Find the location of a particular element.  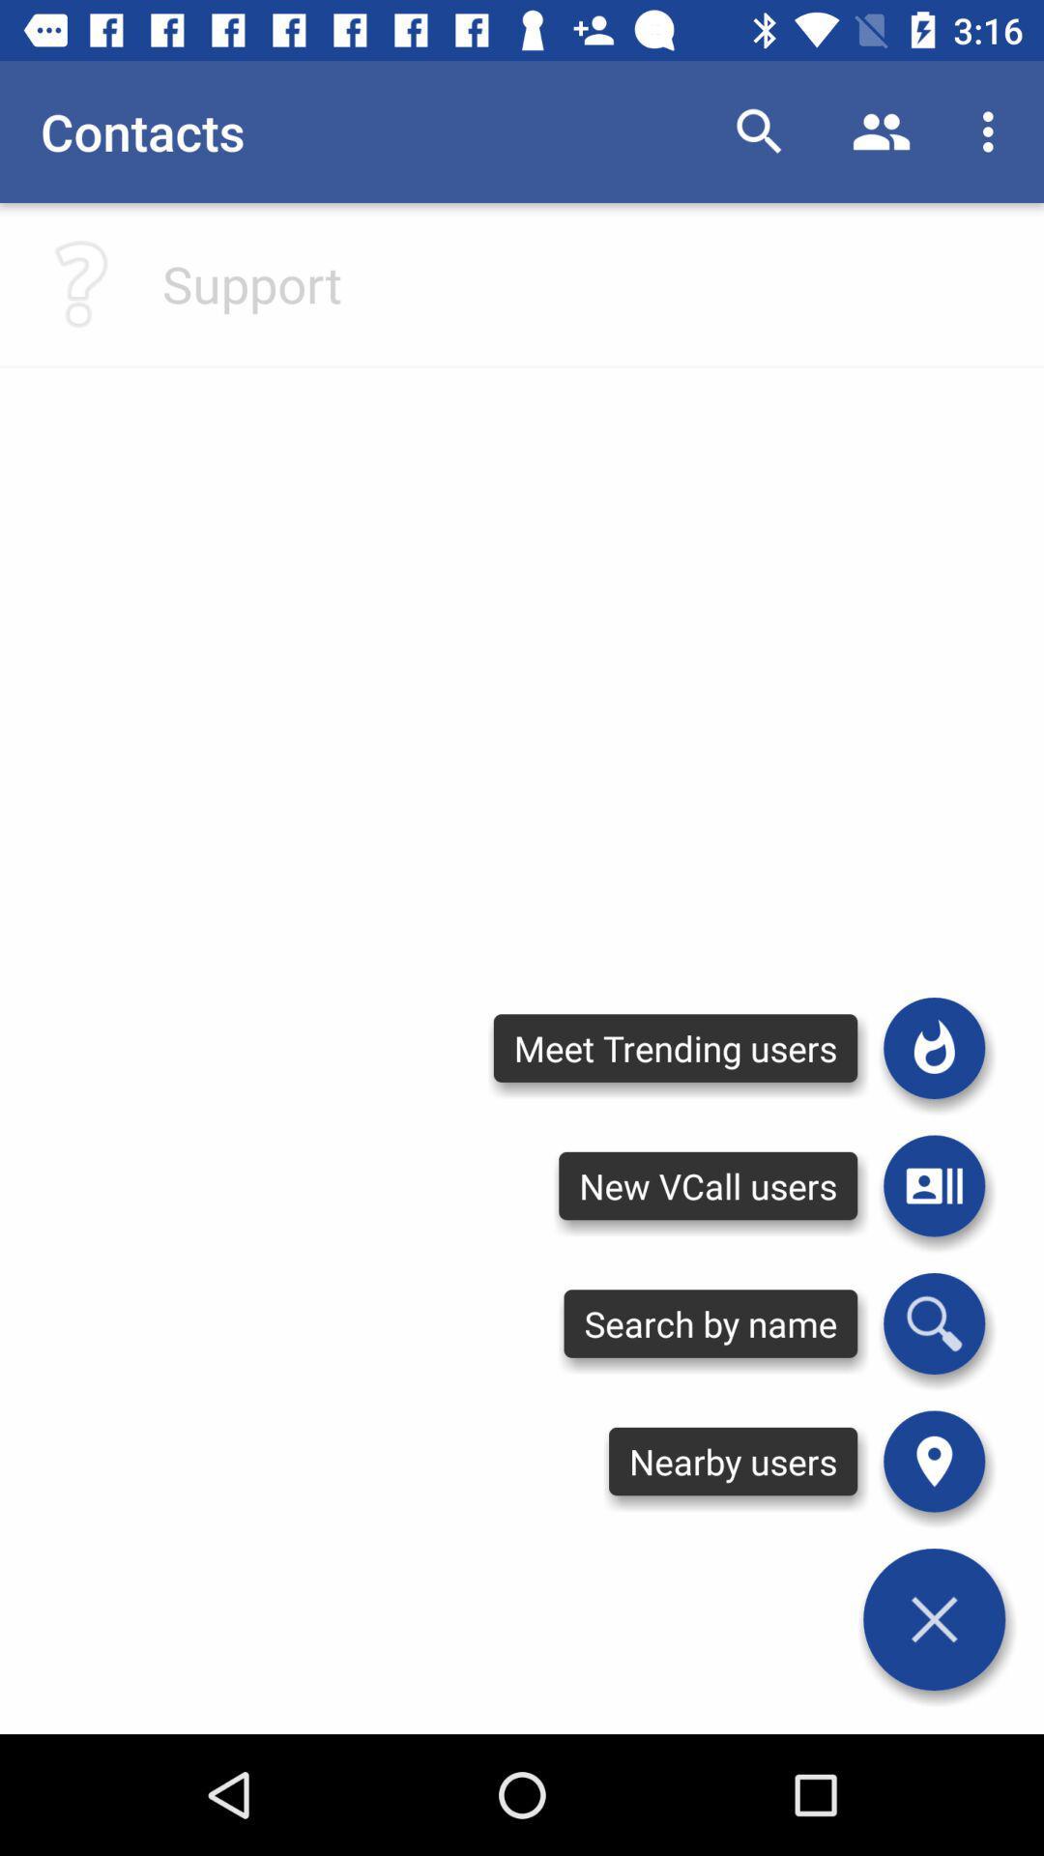

nearby users icon is located at coordinates (733, 1462).